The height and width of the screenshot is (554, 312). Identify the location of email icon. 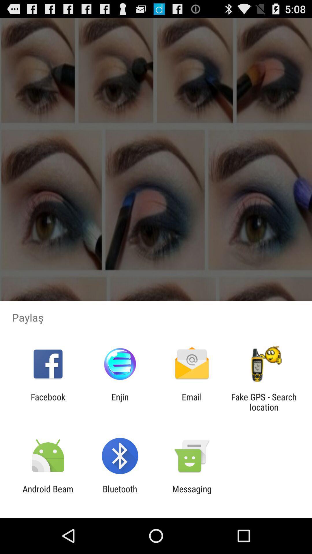
(192, 402).